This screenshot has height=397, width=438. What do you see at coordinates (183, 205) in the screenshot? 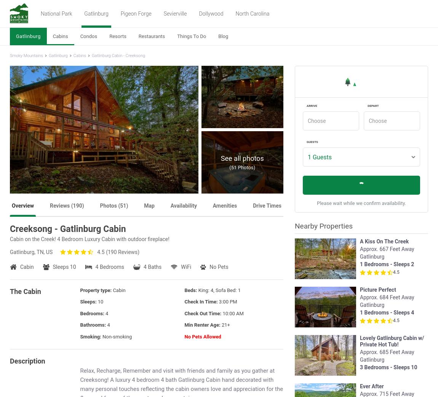
I see `'Availability'` at bounding box center [183, 205].